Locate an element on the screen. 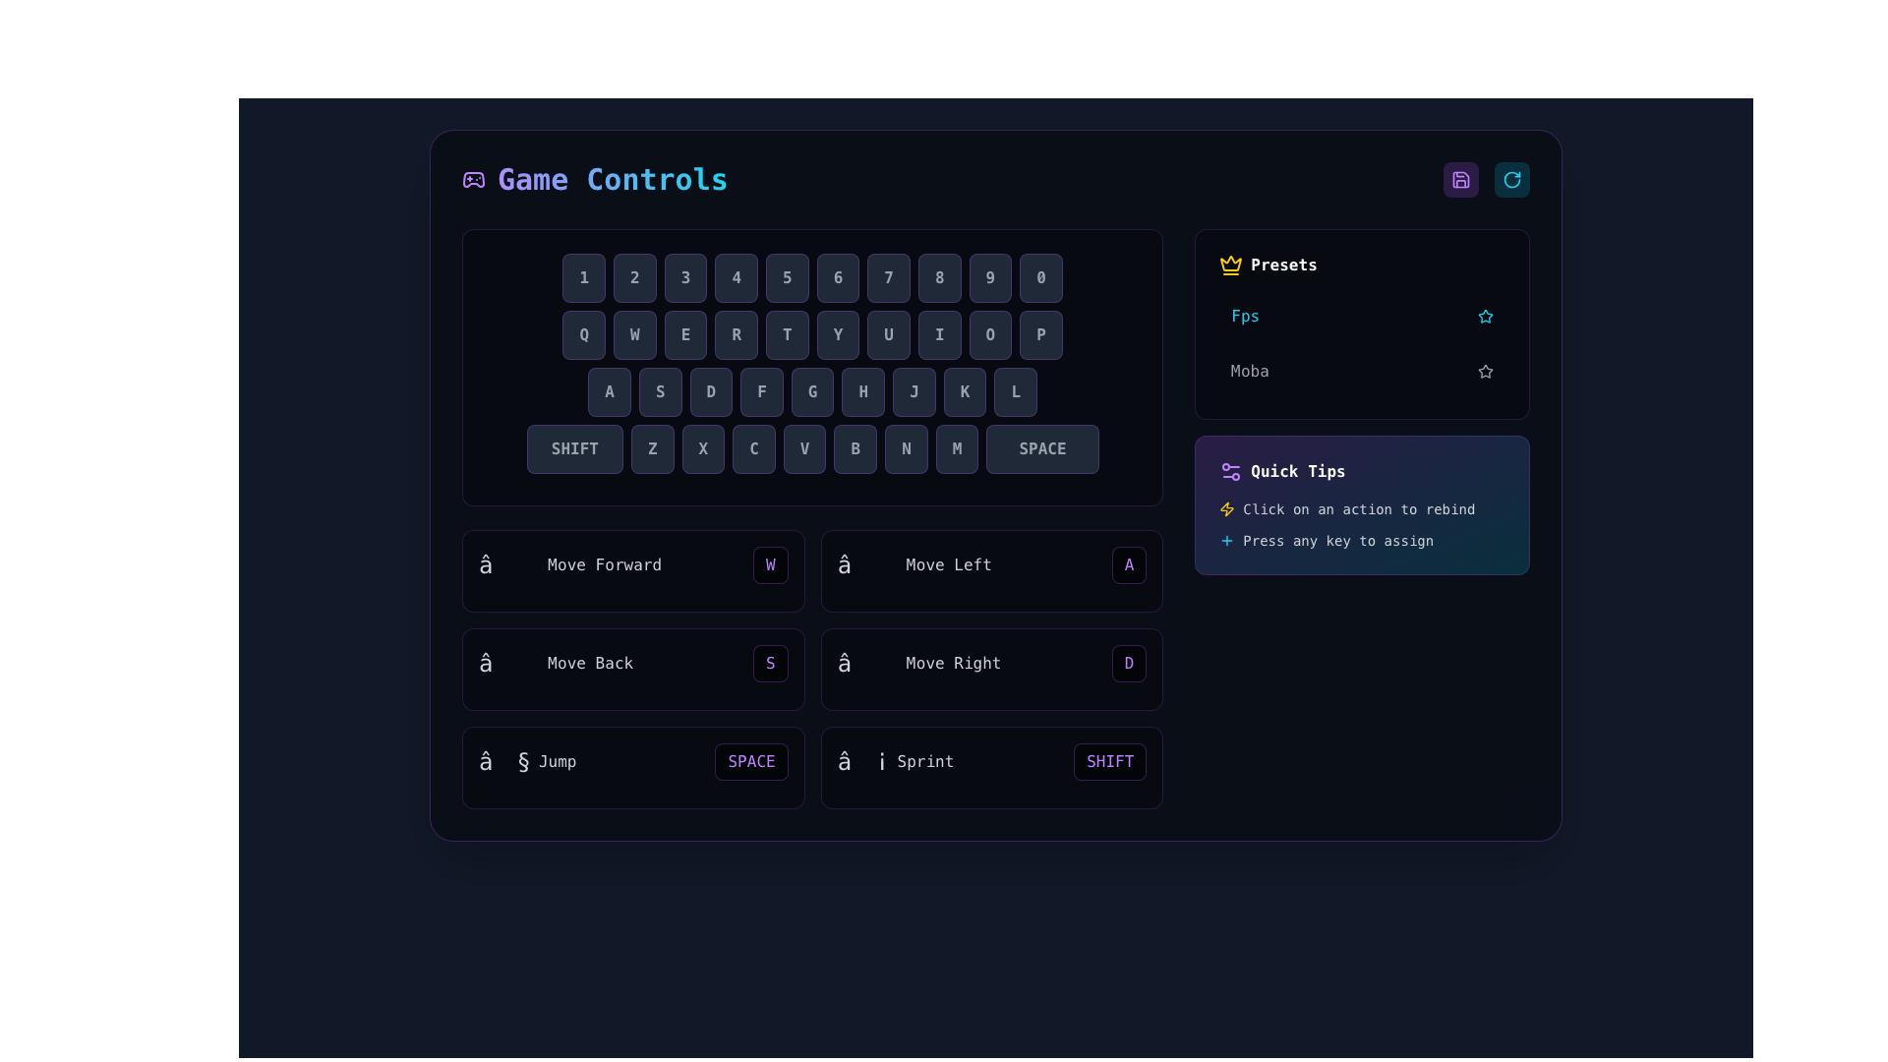 This screenshot has width=1888, height=1062. the keybinding button for the 'Move Left' action in the gaming control configuration interface to change the assigned key is located at coordinates (991, 564).